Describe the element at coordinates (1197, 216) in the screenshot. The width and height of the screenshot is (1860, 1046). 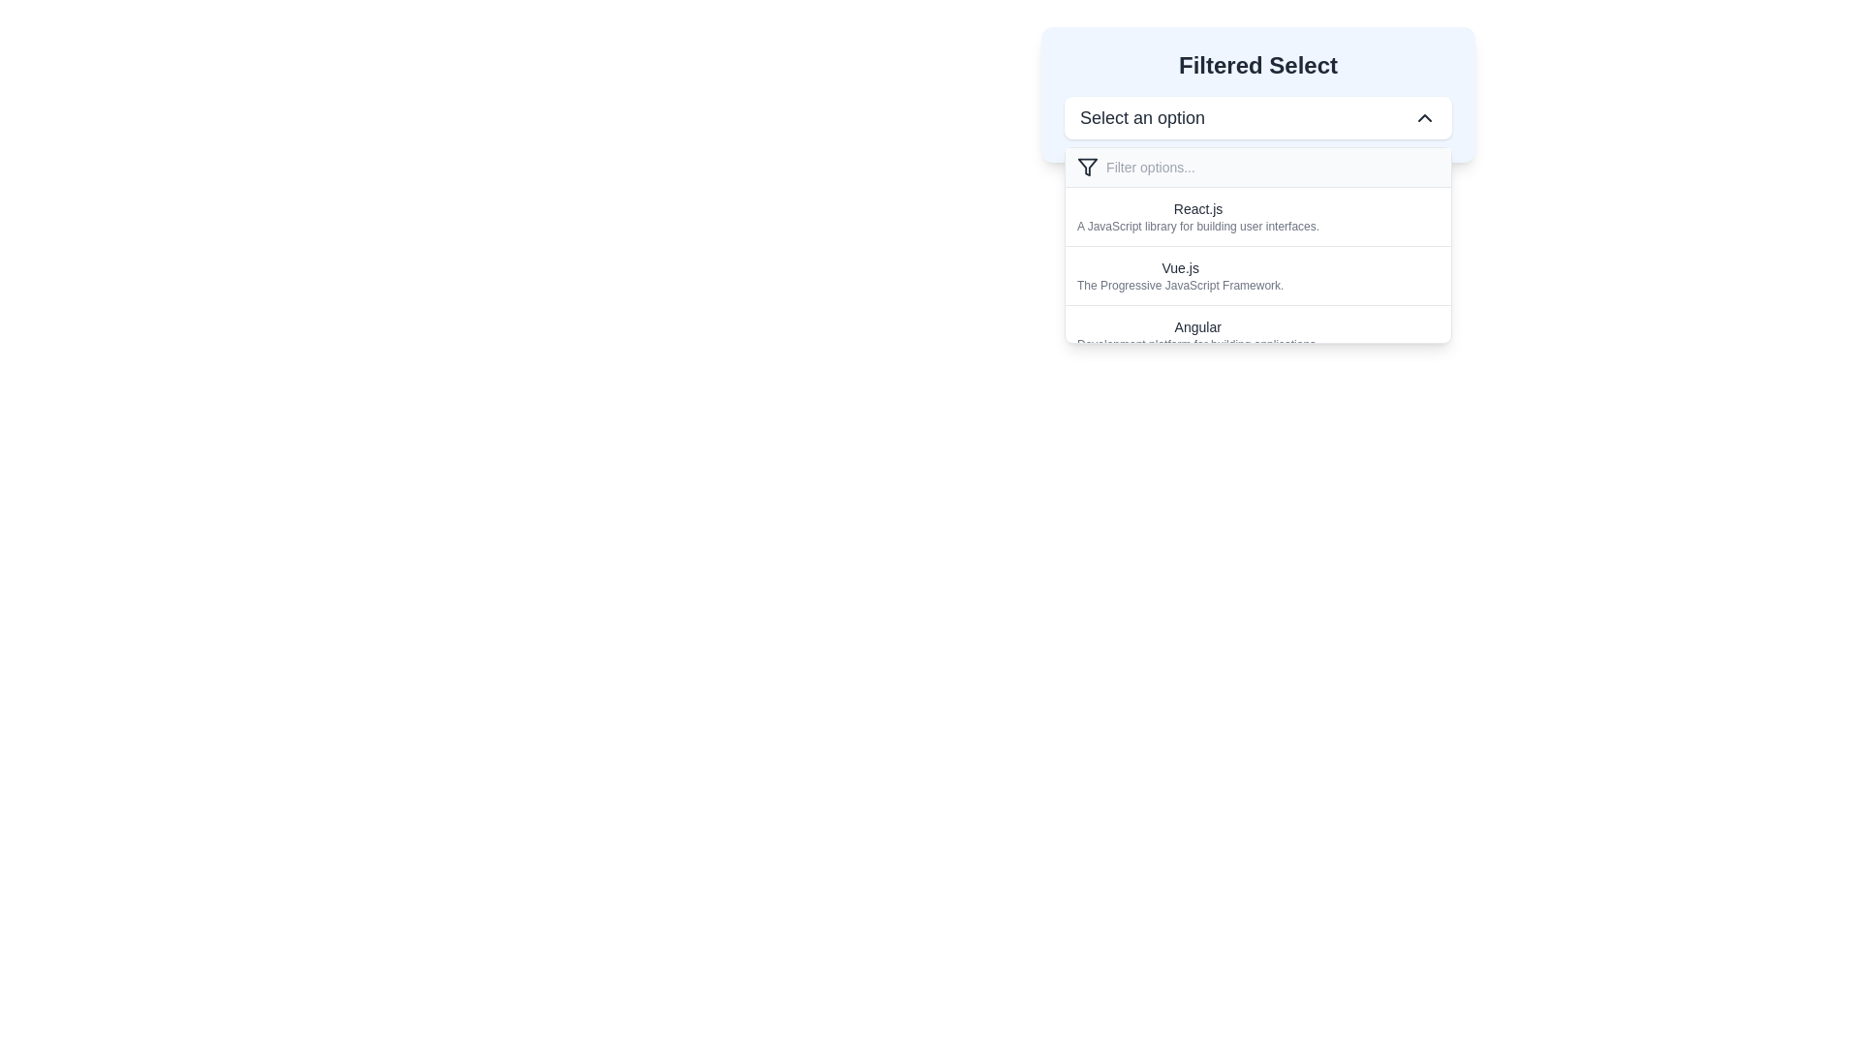
I see `the 'React.js' option in the dropdown menu` at that location.